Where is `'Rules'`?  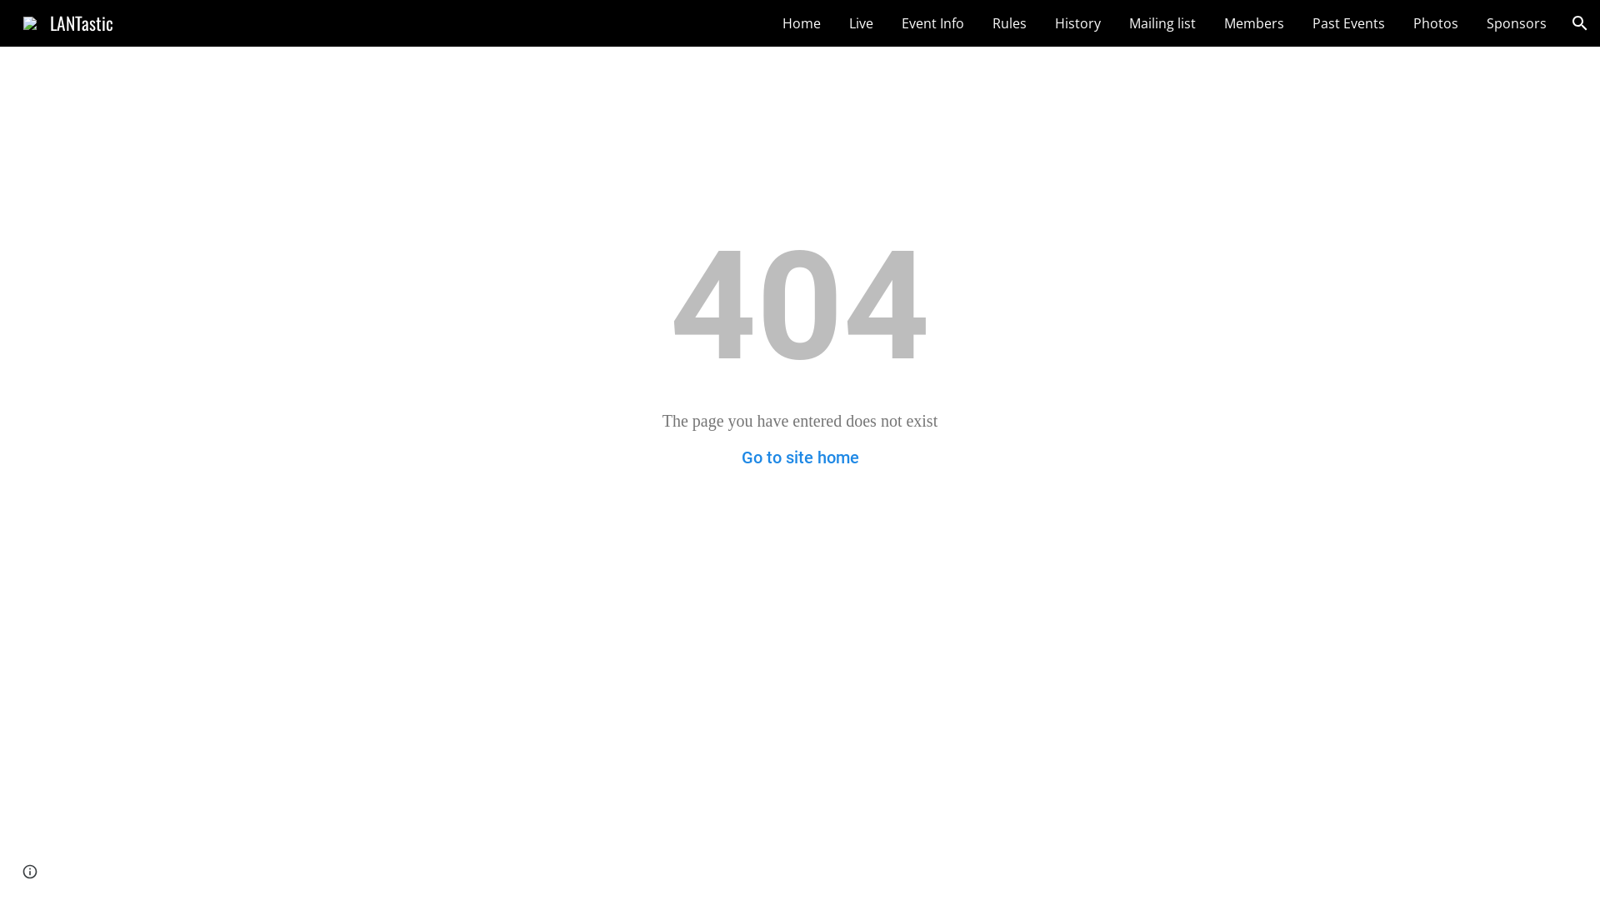
'Rules' is located at coordinates (1008, 22).